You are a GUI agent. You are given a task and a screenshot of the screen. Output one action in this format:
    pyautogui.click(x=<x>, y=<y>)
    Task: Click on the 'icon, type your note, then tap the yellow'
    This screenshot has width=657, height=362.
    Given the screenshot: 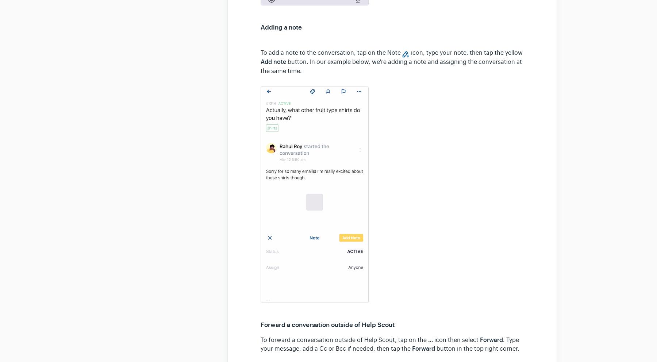 What is the action you would take?
    pyautogui.click(x=466, y=53)
    